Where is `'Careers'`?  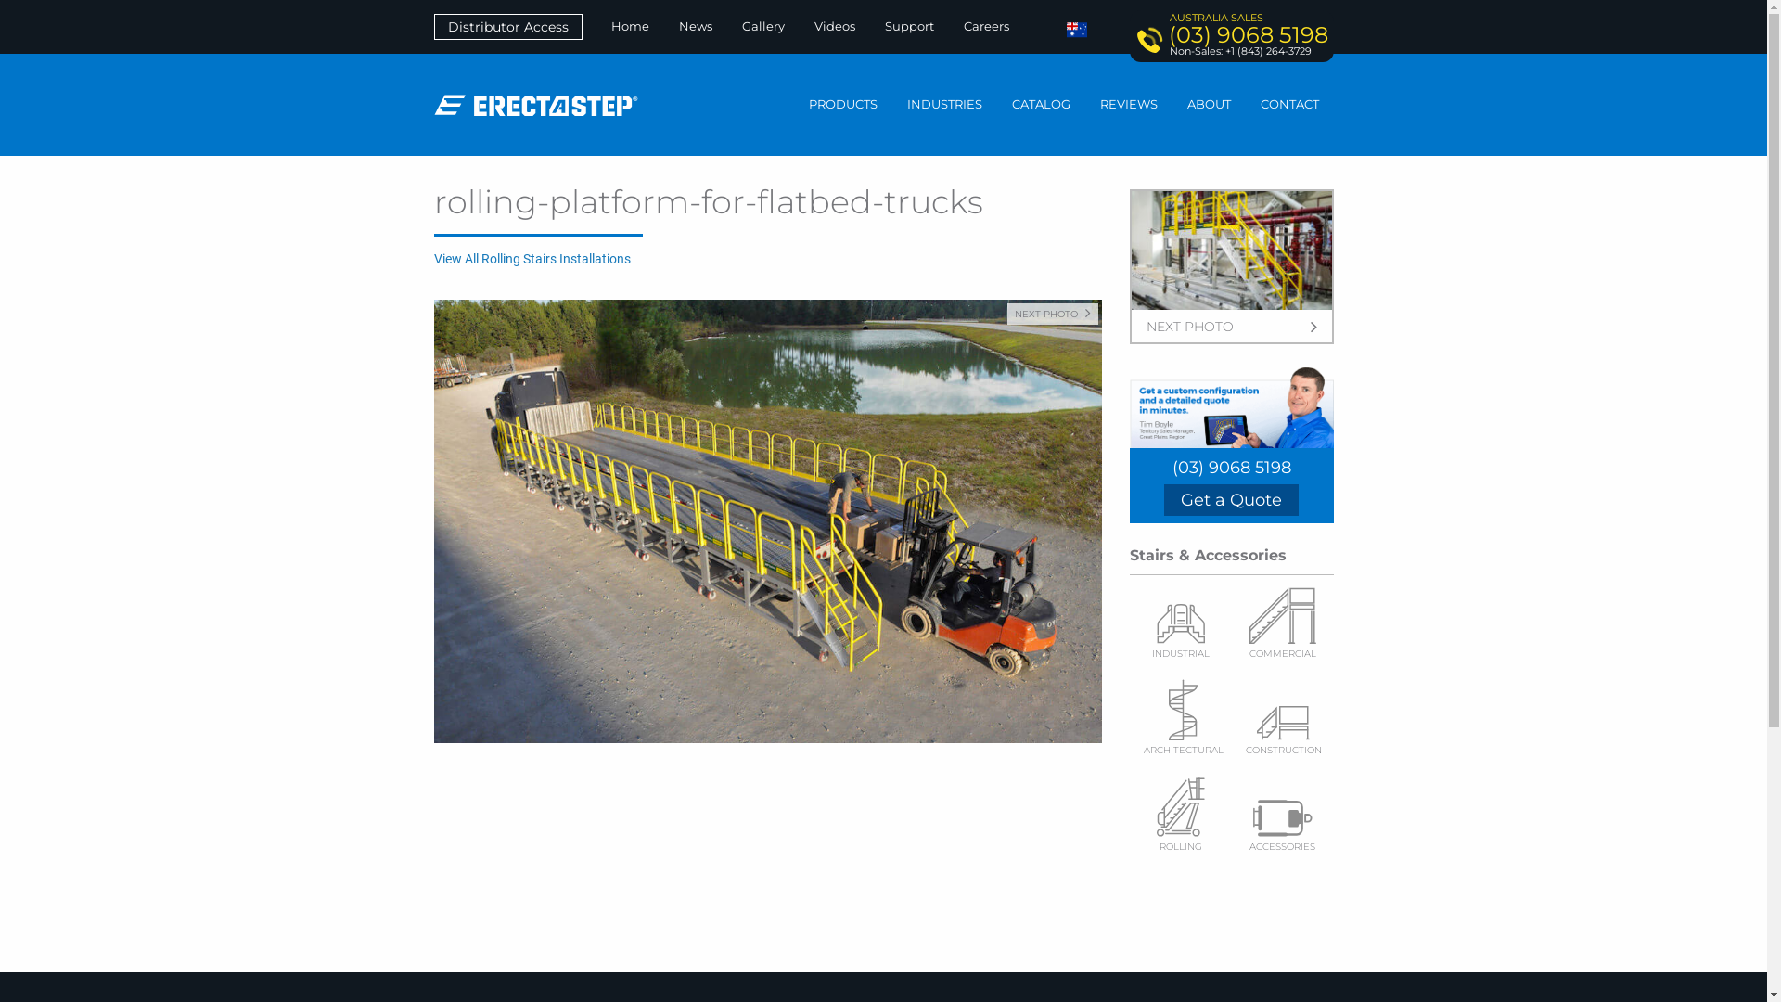 'Careers' is located at coordinates (985, 26).